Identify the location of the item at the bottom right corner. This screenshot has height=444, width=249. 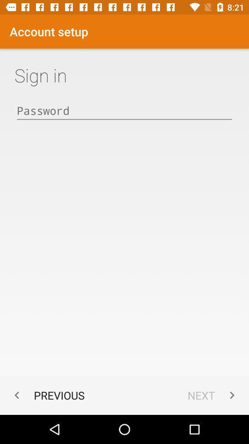
(213, 395).